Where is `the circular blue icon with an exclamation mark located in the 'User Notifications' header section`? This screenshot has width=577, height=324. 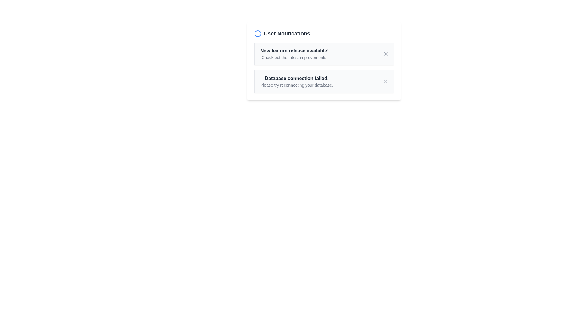 the circular blue icon with an exclamation mark located in the 'User Notifications' header section is located at coordinates (258, 33).